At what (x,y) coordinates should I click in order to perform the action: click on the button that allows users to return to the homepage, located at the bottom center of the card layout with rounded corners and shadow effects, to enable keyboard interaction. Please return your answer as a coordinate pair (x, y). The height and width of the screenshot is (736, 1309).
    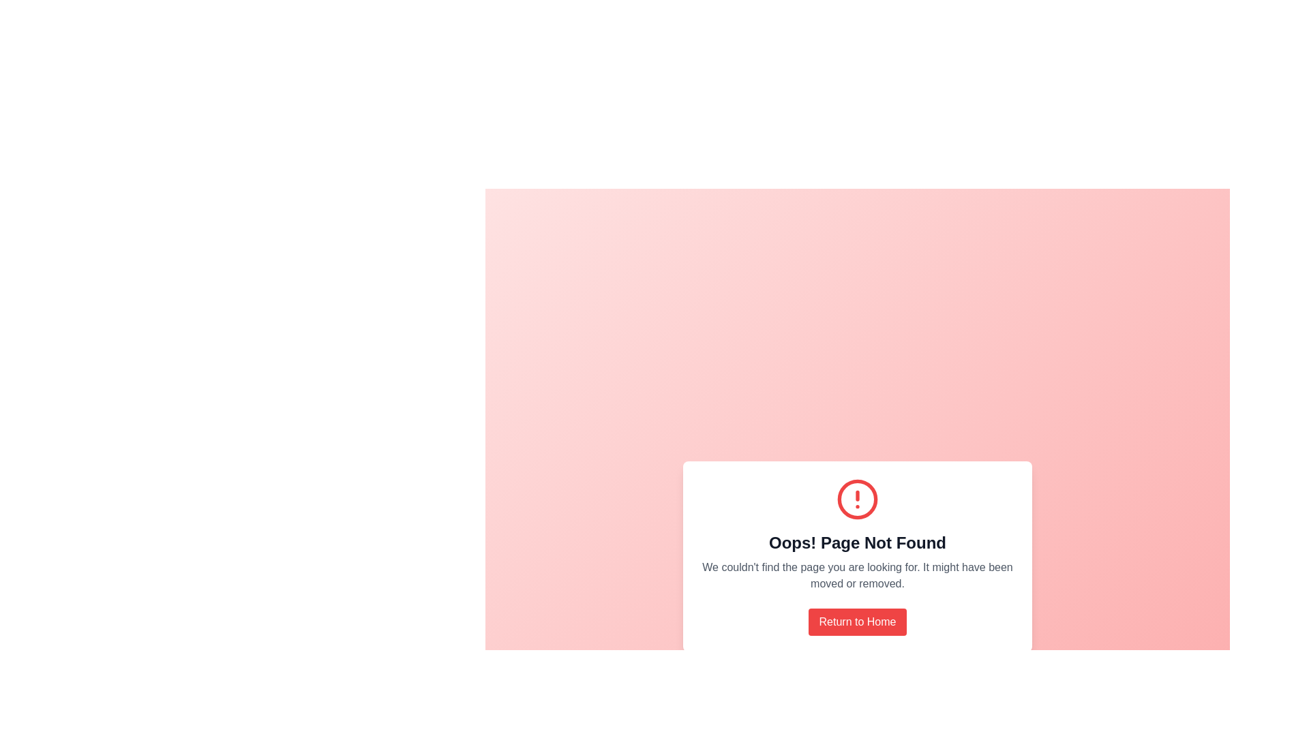
    Looking at the image, I should click on (856, 622).